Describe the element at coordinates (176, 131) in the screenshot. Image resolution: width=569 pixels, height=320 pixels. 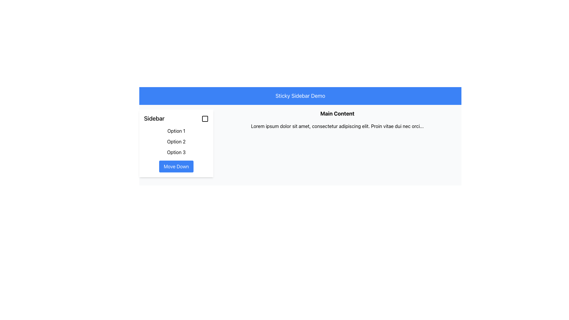
I see `the text label 'Option 1' in the left sidebar below the 'Sidebar' heading` at that location.